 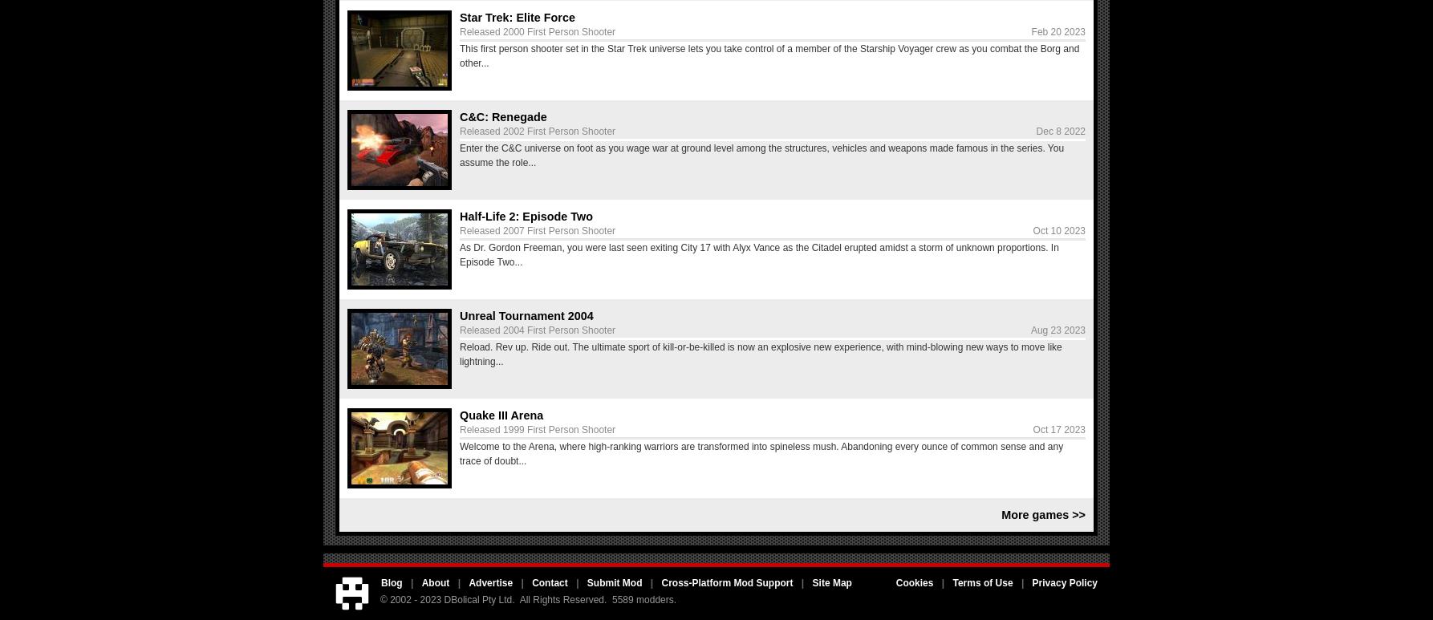 What do you see at coordinates (503, 117) in the screenshot?
I see `'C&C: Renegade'` at bounding box center [503, 117].